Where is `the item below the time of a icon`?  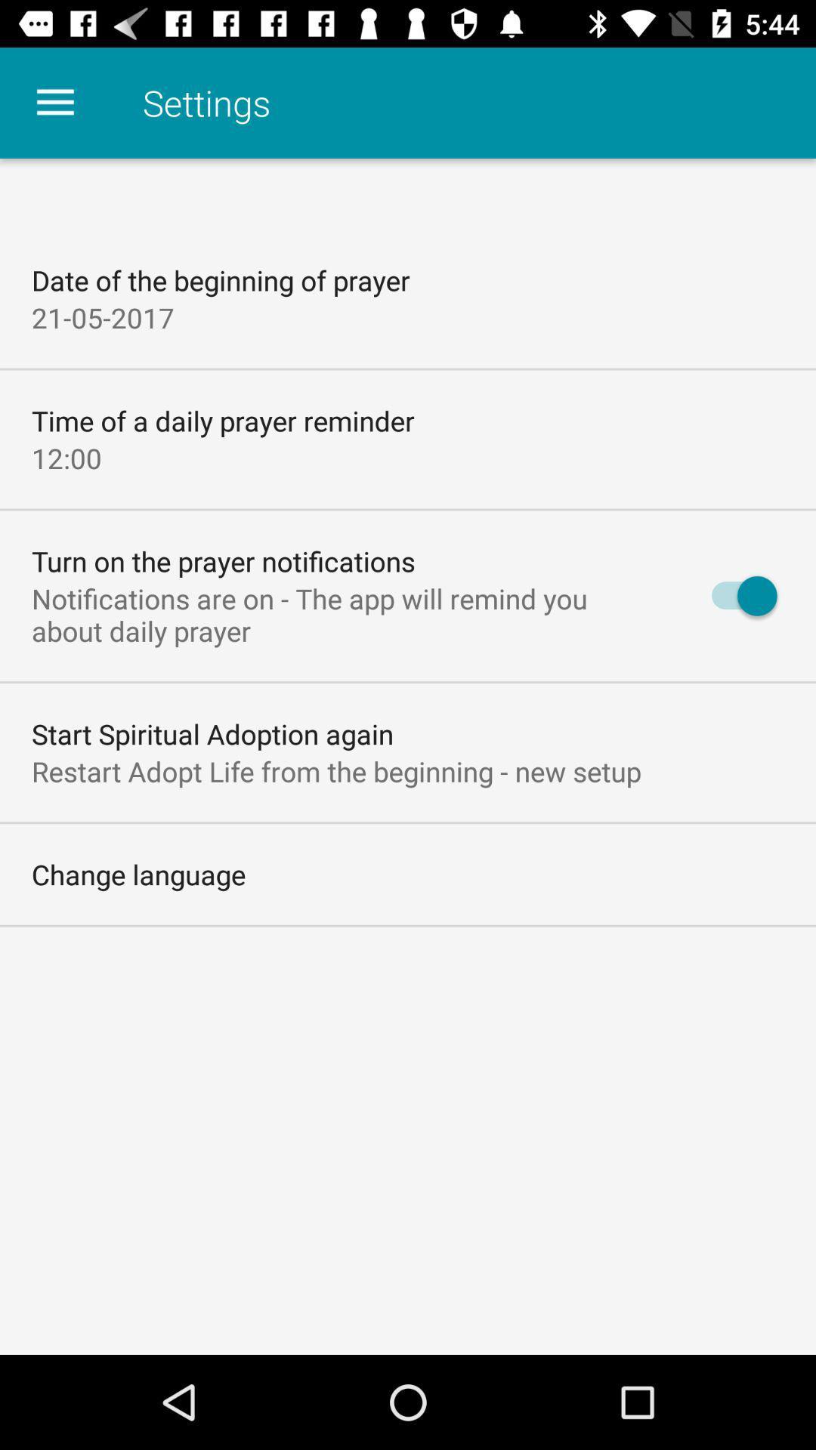
the item below the time of a icon is located at coordinates (66, 457).